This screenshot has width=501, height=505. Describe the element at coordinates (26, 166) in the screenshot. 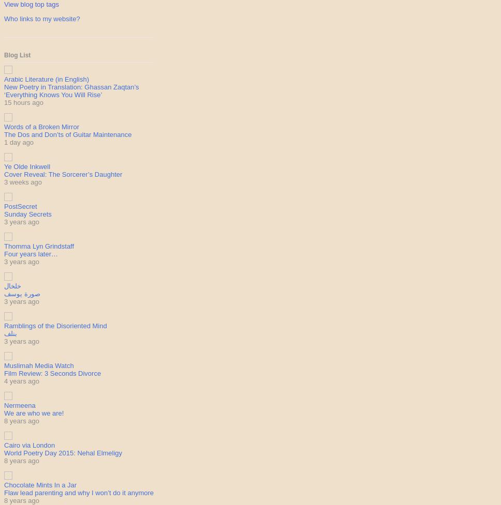

I see `'Ye Olde Inkwell'` at that location.